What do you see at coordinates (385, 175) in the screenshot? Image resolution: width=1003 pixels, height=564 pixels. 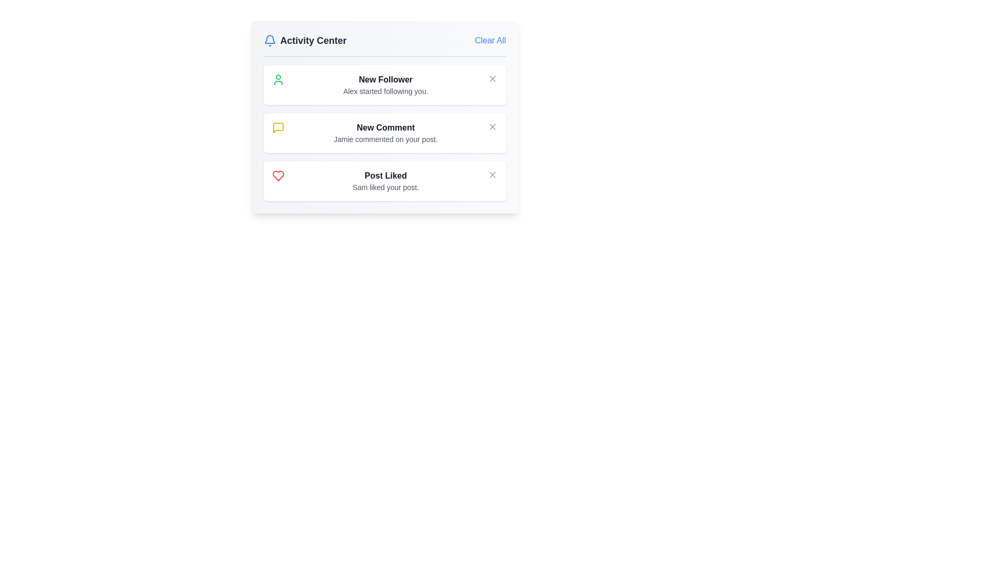 I see `the bold black text label 'Post Liked' in the third notification card of the 'Activity Center' interface` at bounding box center [385, 175].